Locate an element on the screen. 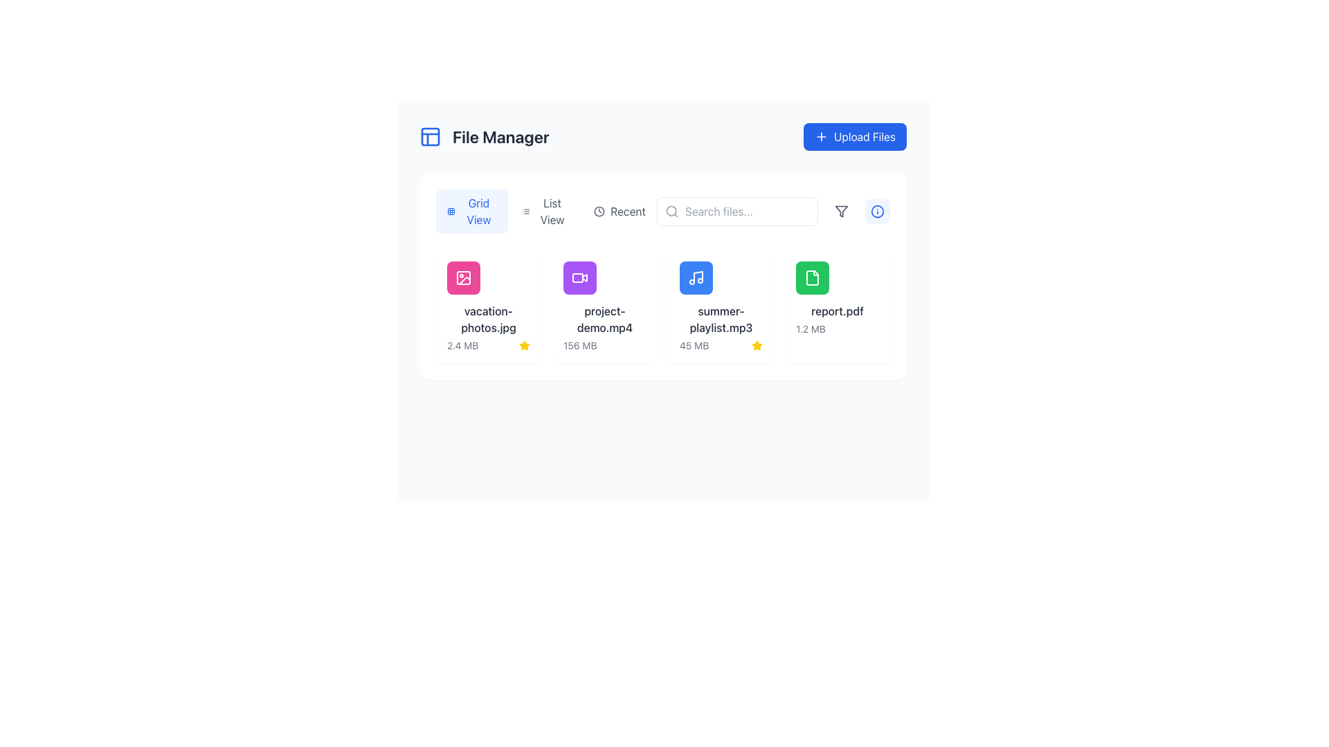 The width and height of the screenshot is (1329, 747). the first icon button located at the bottom of the file card for 'summer-playlist.mp3' is located at coordinates (691, 343).